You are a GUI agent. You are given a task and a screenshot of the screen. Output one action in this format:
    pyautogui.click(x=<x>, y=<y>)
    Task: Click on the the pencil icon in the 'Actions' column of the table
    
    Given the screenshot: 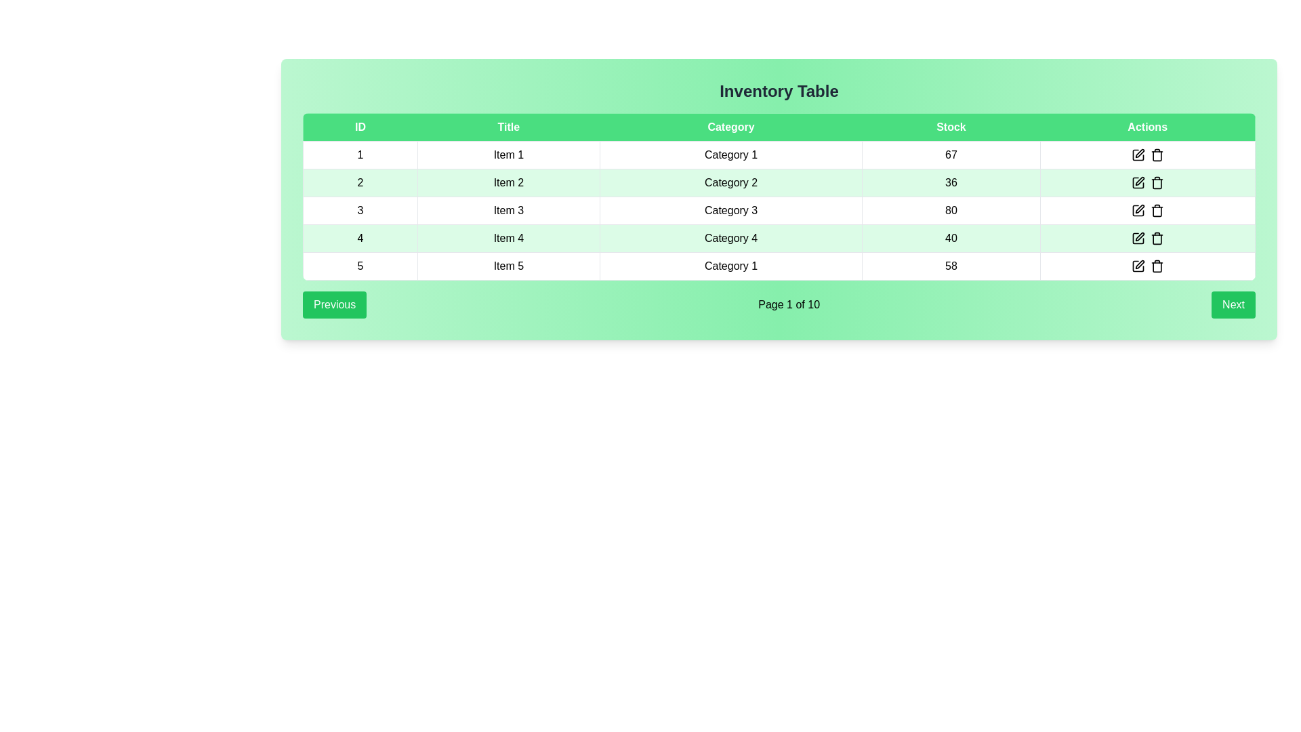 What is the action you would take?
    pyautogui.click(x=1147, y=154)
    